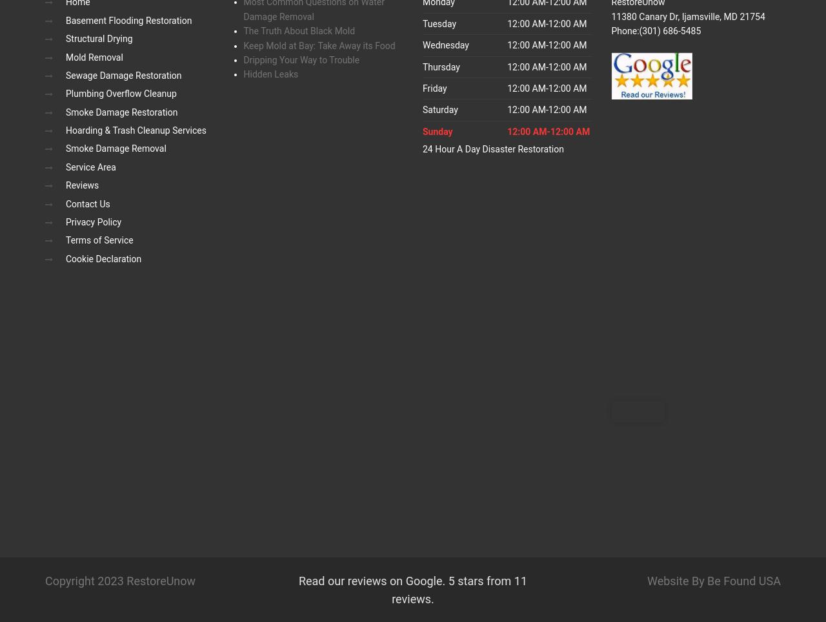 The width and height of the screenshot is (826, 622). Describe the element at coordinates (128, 19) in the screenshot. I see `'Basement Flooding Restoration'` at that location.